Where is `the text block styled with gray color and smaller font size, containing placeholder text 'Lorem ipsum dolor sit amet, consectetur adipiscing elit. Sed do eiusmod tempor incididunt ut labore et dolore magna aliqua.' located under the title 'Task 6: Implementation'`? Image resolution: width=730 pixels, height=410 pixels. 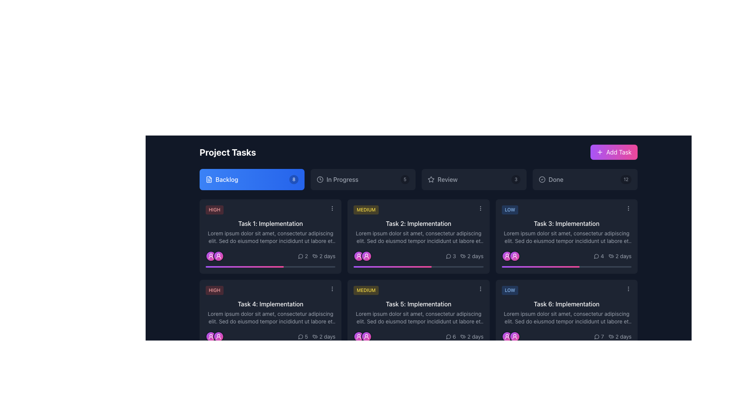 the text block styled with gray color and smaller font size, containing placeholder text 'Lorem ipsum dolor sit amet, consectetur adipiscing elit. Sed do eiusmod tempor incididunt ut labore et dolore magna aliqua.' located under the title 'Task 6: Implementation' is located at coordinates (567, 318).